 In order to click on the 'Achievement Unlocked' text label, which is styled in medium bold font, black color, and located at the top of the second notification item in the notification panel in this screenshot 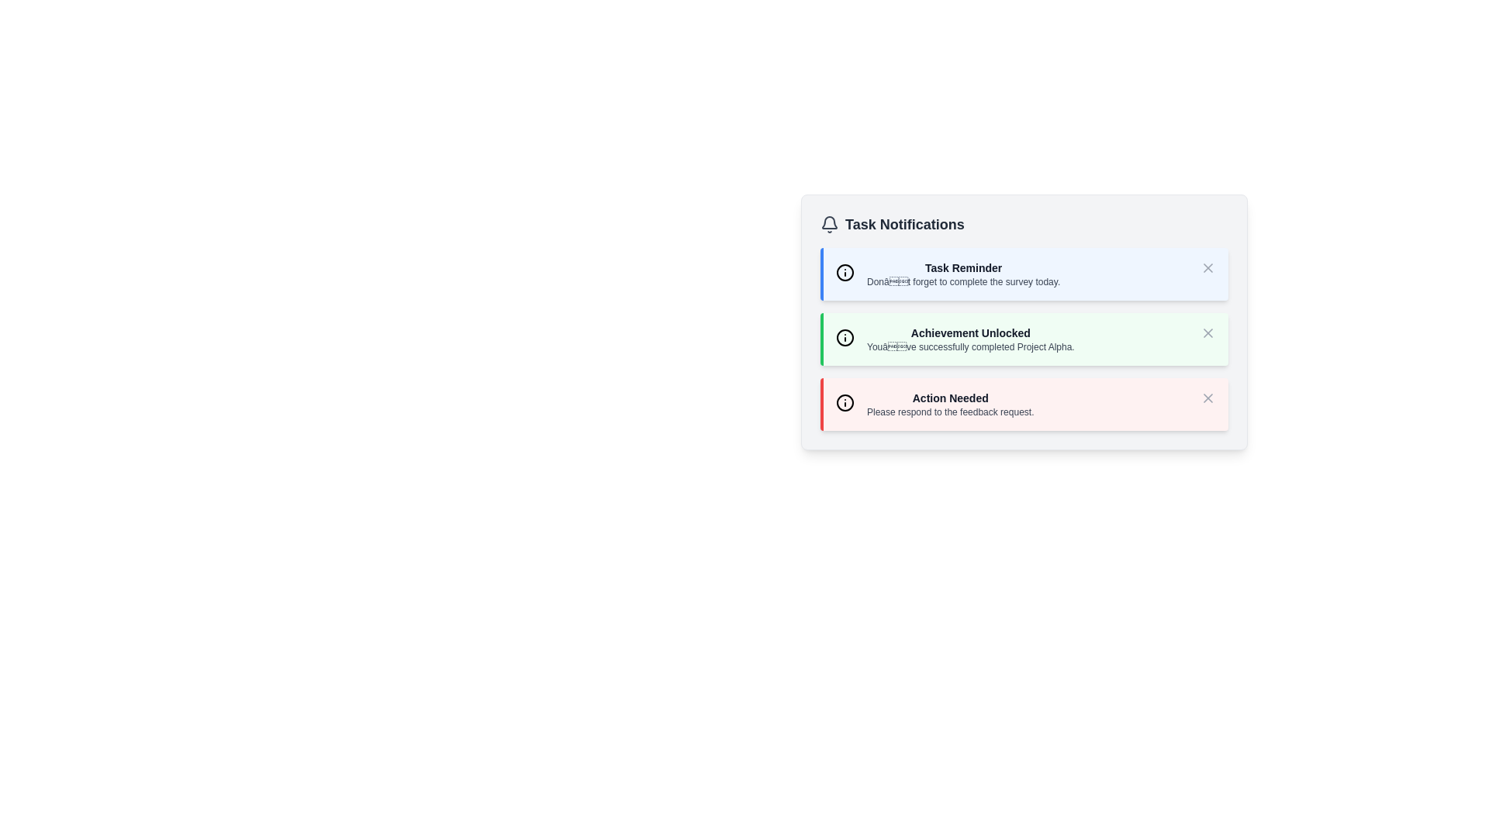, I will do `click(969, 332)`.